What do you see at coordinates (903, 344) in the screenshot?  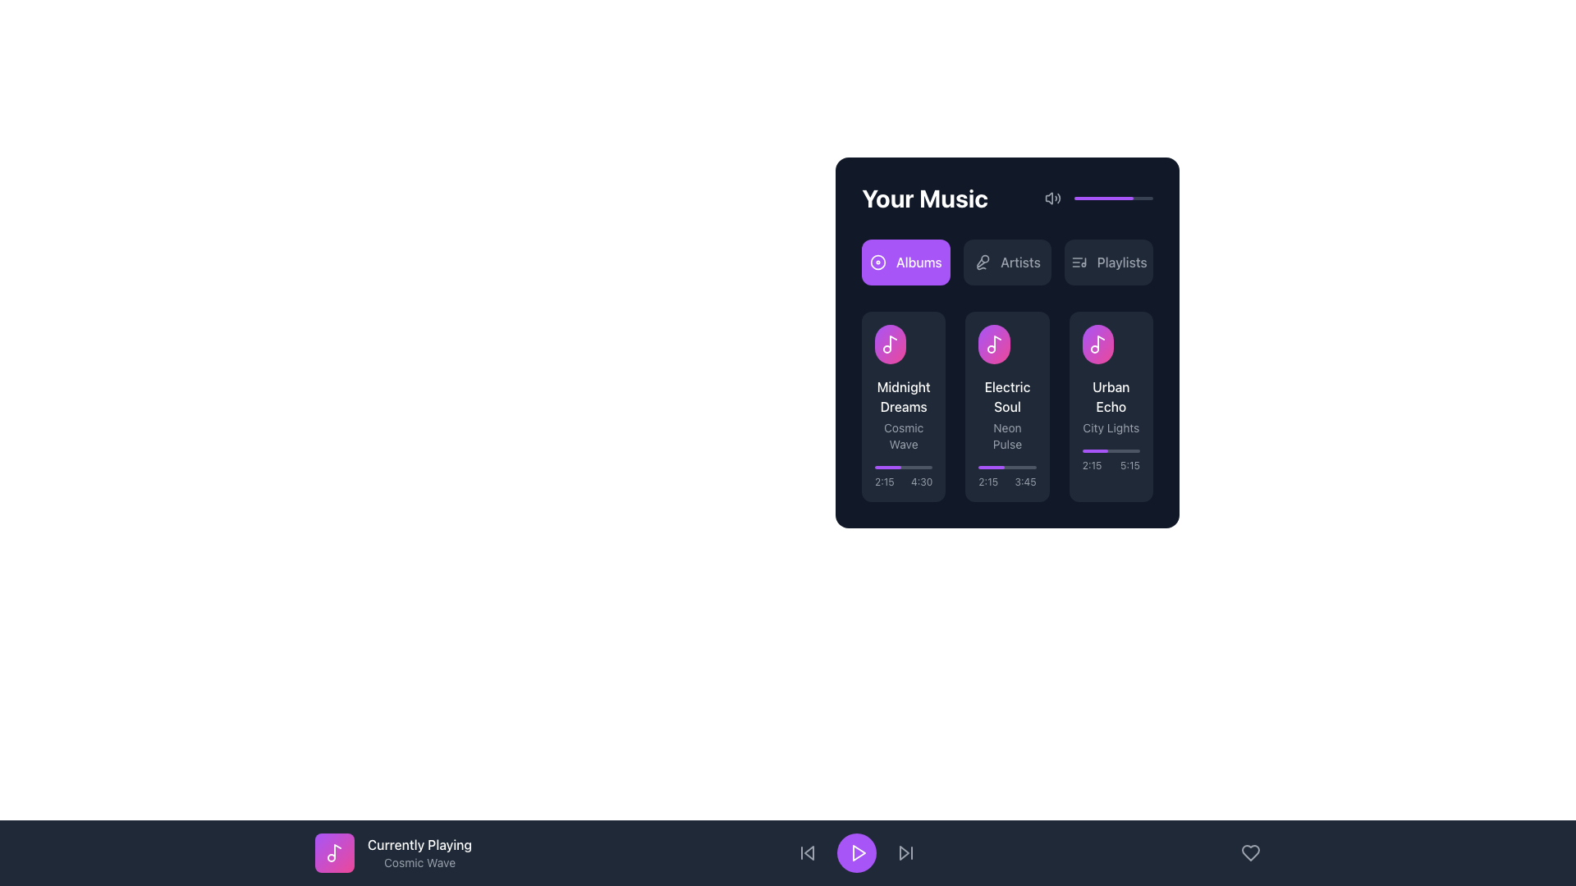 I see `the elliptical IconButton with a gradient background featuring a white musical note icon, located in the top-left region of the 'Midnight Dreams' card in the 'Your Music' section` at bounding box center [903, 344].